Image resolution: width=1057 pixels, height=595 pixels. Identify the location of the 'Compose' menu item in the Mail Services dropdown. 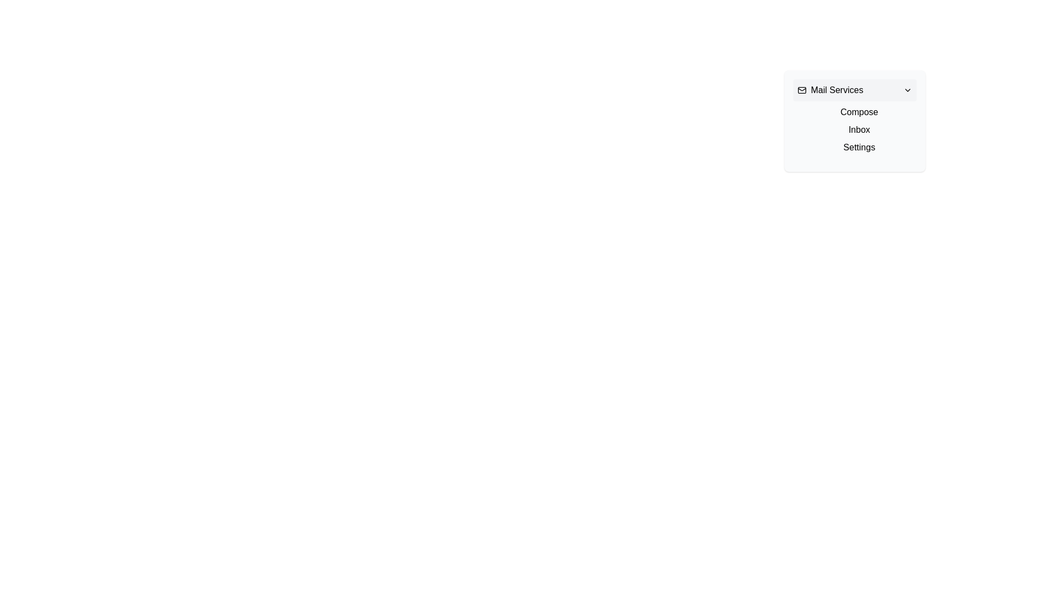
(854, 117).